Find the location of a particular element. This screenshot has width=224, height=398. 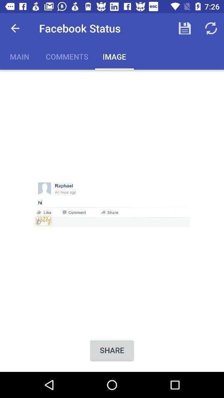

app next to facebook status icon is located at coordinates (15, 28).